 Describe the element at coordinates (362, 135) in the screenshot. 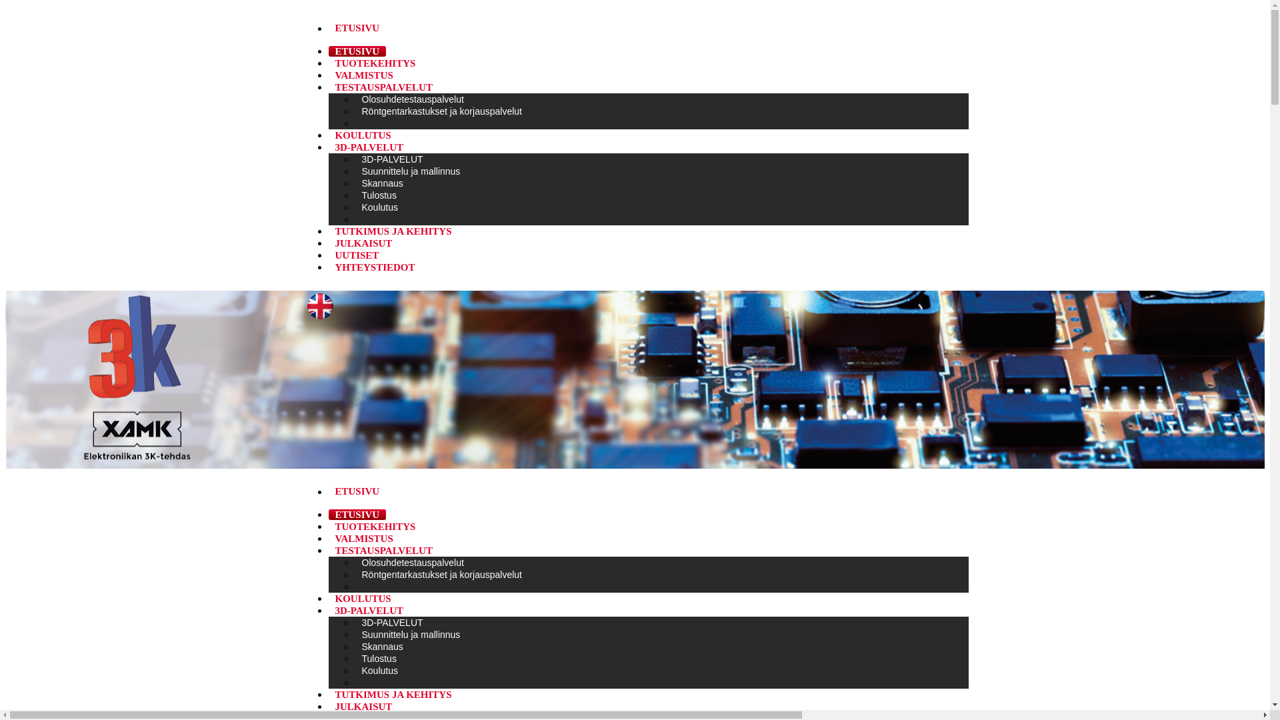

I see `'KOULUTUS'` at that location.